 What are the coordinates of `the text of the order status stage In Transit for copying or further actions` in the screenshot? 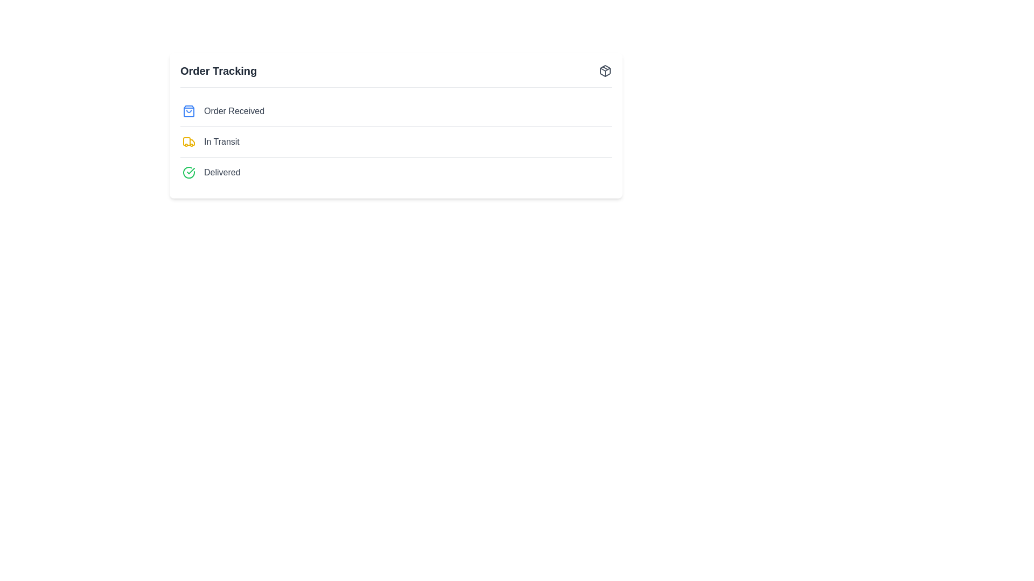 It's located at (221, 141).